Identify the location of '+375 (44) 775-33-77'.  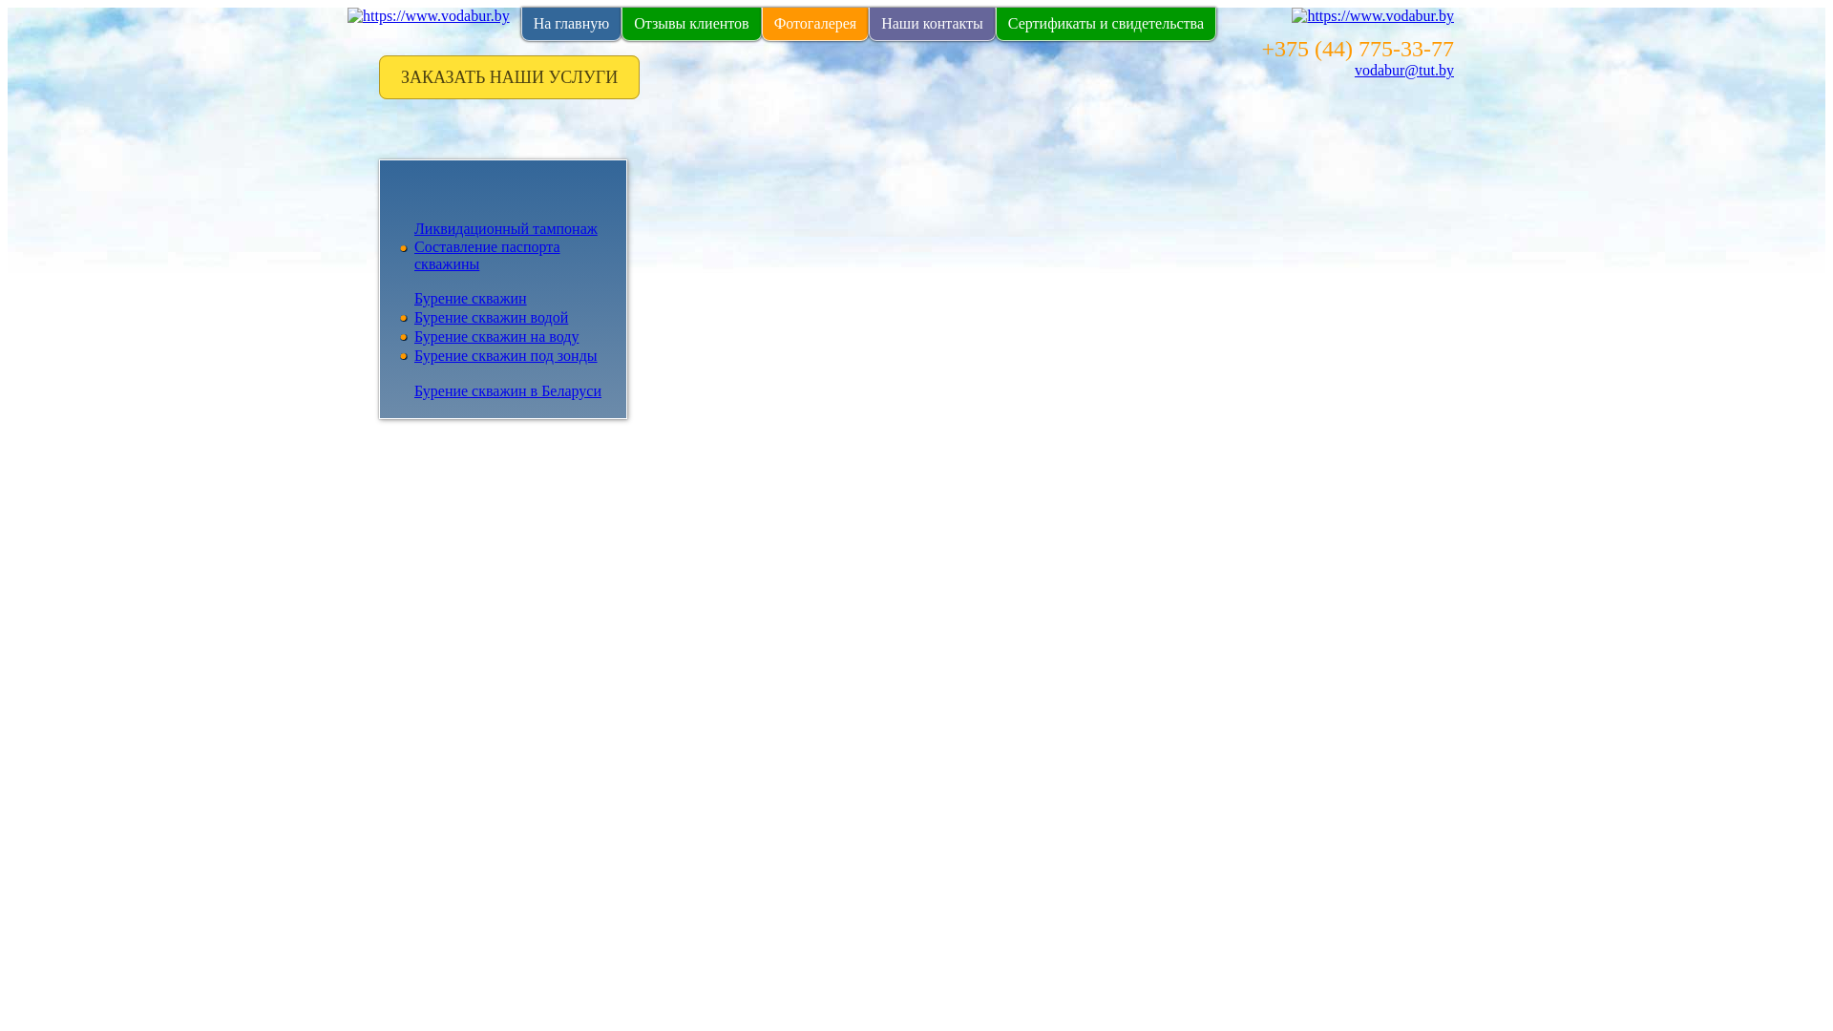
(1260, 47).